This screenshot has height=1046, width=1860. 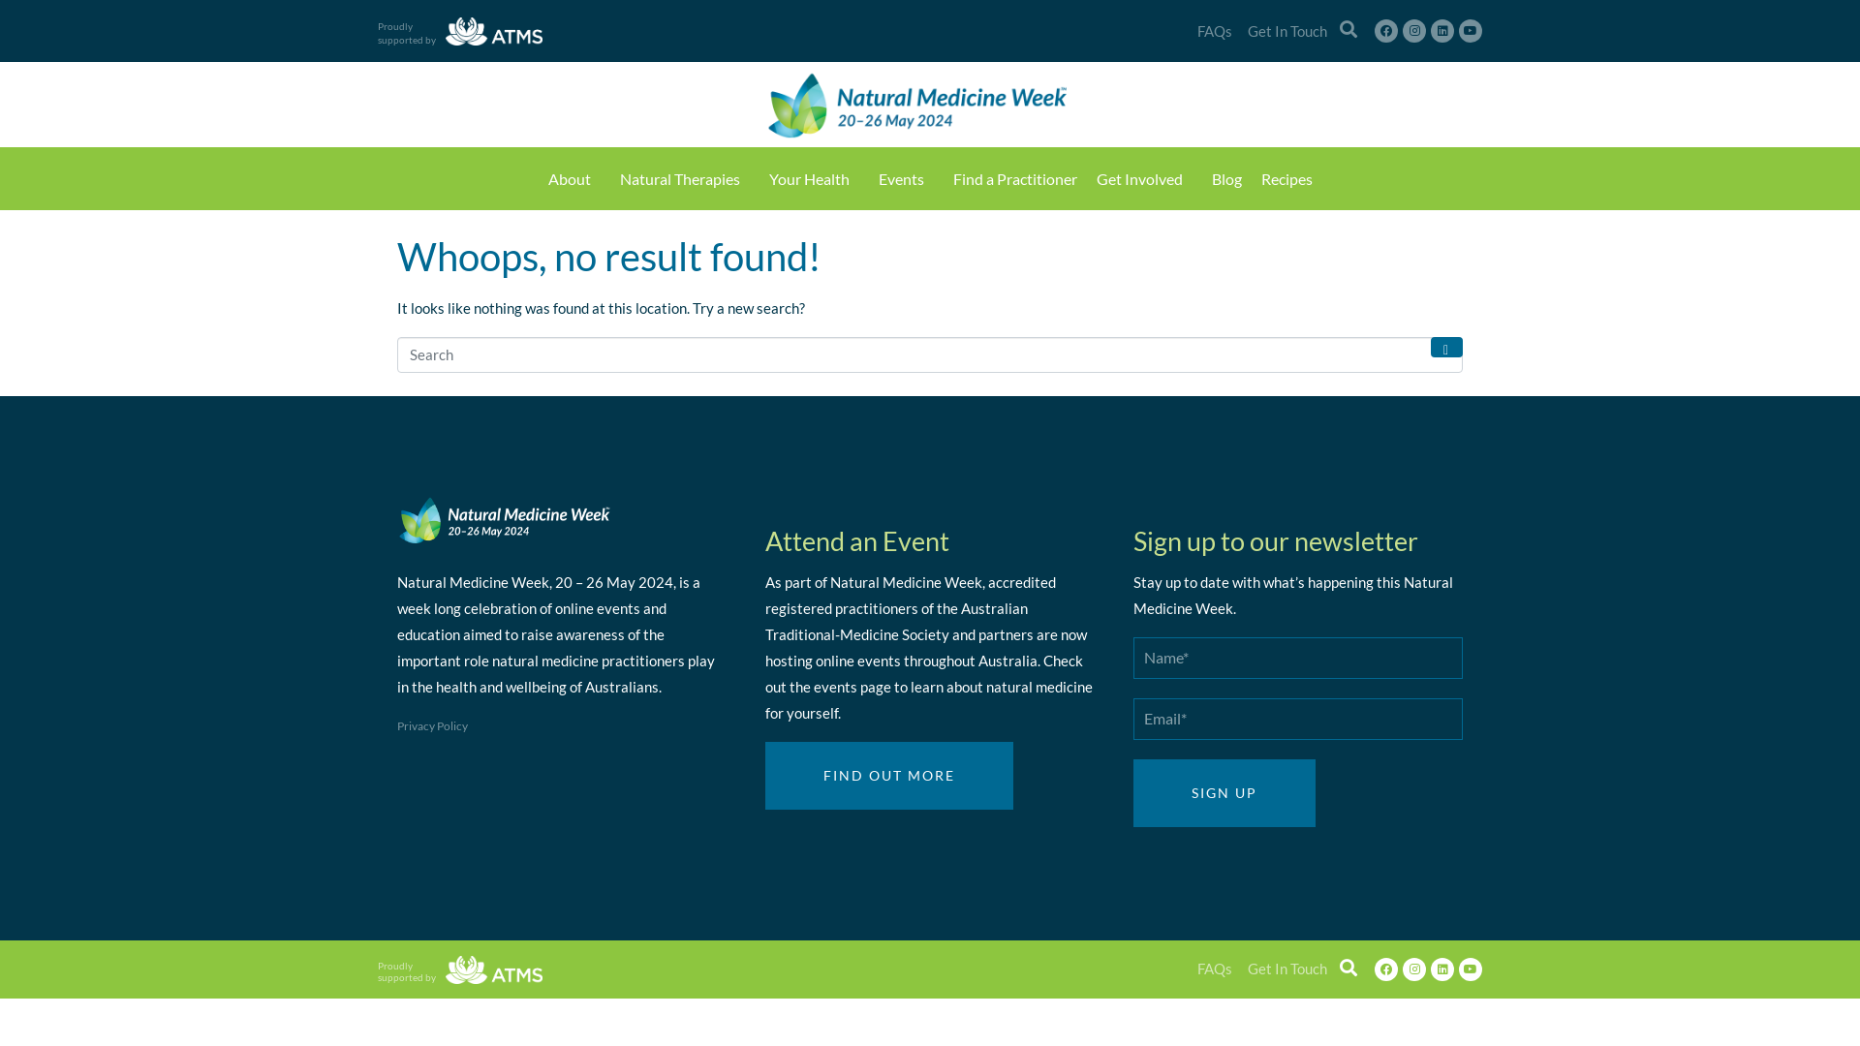 What do you see at coordinates (395, 725) in the screenshot?
I see `'Privacy Policy'` at bounding box center [395, 725].